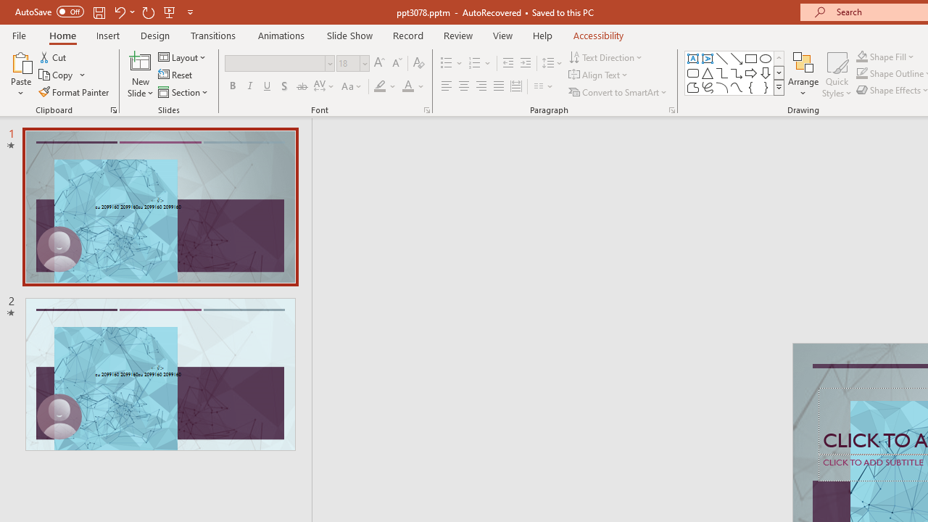 The width and height of the screenshot is (928, 522). What do you see at coordinates (708, 72) in the screenshot?
I see `'Isosceles Triangle'` at bounding box center [708, 72].